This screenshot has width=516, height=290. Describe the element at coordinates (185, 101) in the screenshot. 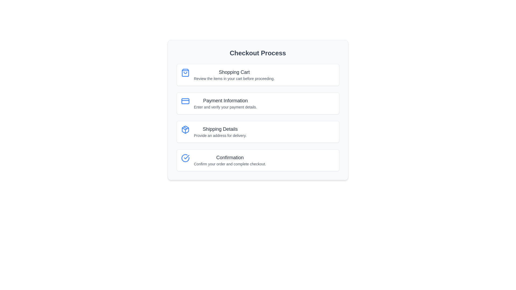

I see `the payment step icon located within the 'Payment Information' card in the checkout process, positioned to the left of the text 'Payment Information' and 'Enter and verify your payment details.'` at that location.